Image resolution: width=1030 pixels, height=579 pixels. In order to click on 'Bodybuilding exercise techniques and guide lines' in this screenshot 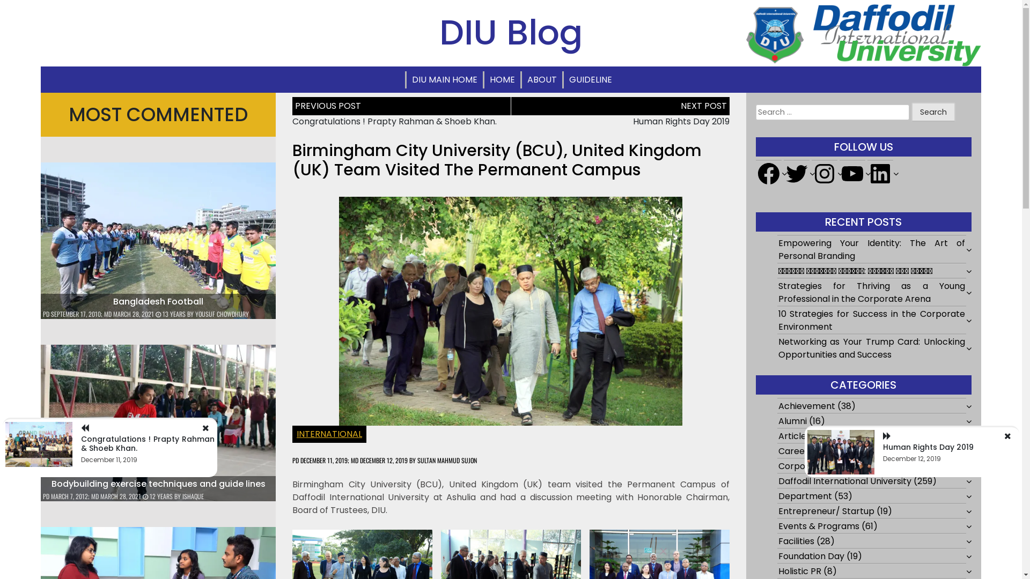, I will do `click(158, 484)`.